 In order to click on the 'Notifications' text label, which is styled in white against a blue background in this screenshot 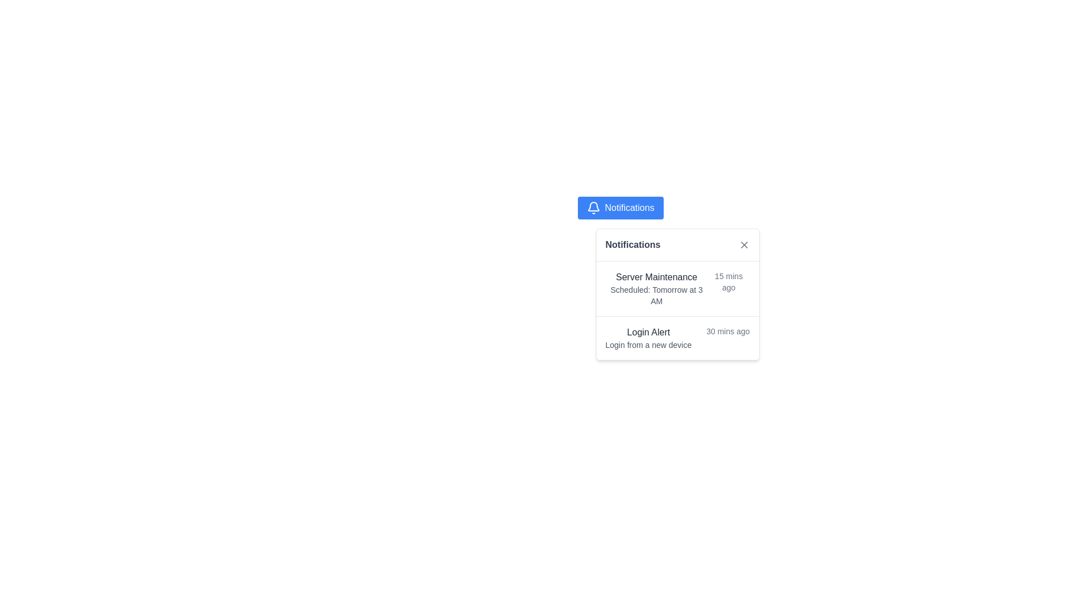, I will do `click(629, 208)`.